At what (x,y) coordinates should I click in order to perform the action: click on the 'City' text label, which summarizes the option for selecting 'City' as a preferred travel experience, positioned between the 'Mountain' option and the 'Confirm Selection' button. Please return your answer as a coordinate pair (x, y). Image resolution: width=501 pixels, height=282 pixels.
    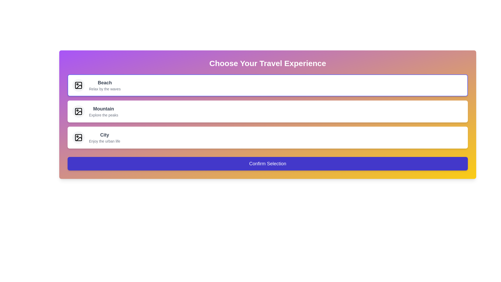
    Looking at the image, I should click on (104, 137).